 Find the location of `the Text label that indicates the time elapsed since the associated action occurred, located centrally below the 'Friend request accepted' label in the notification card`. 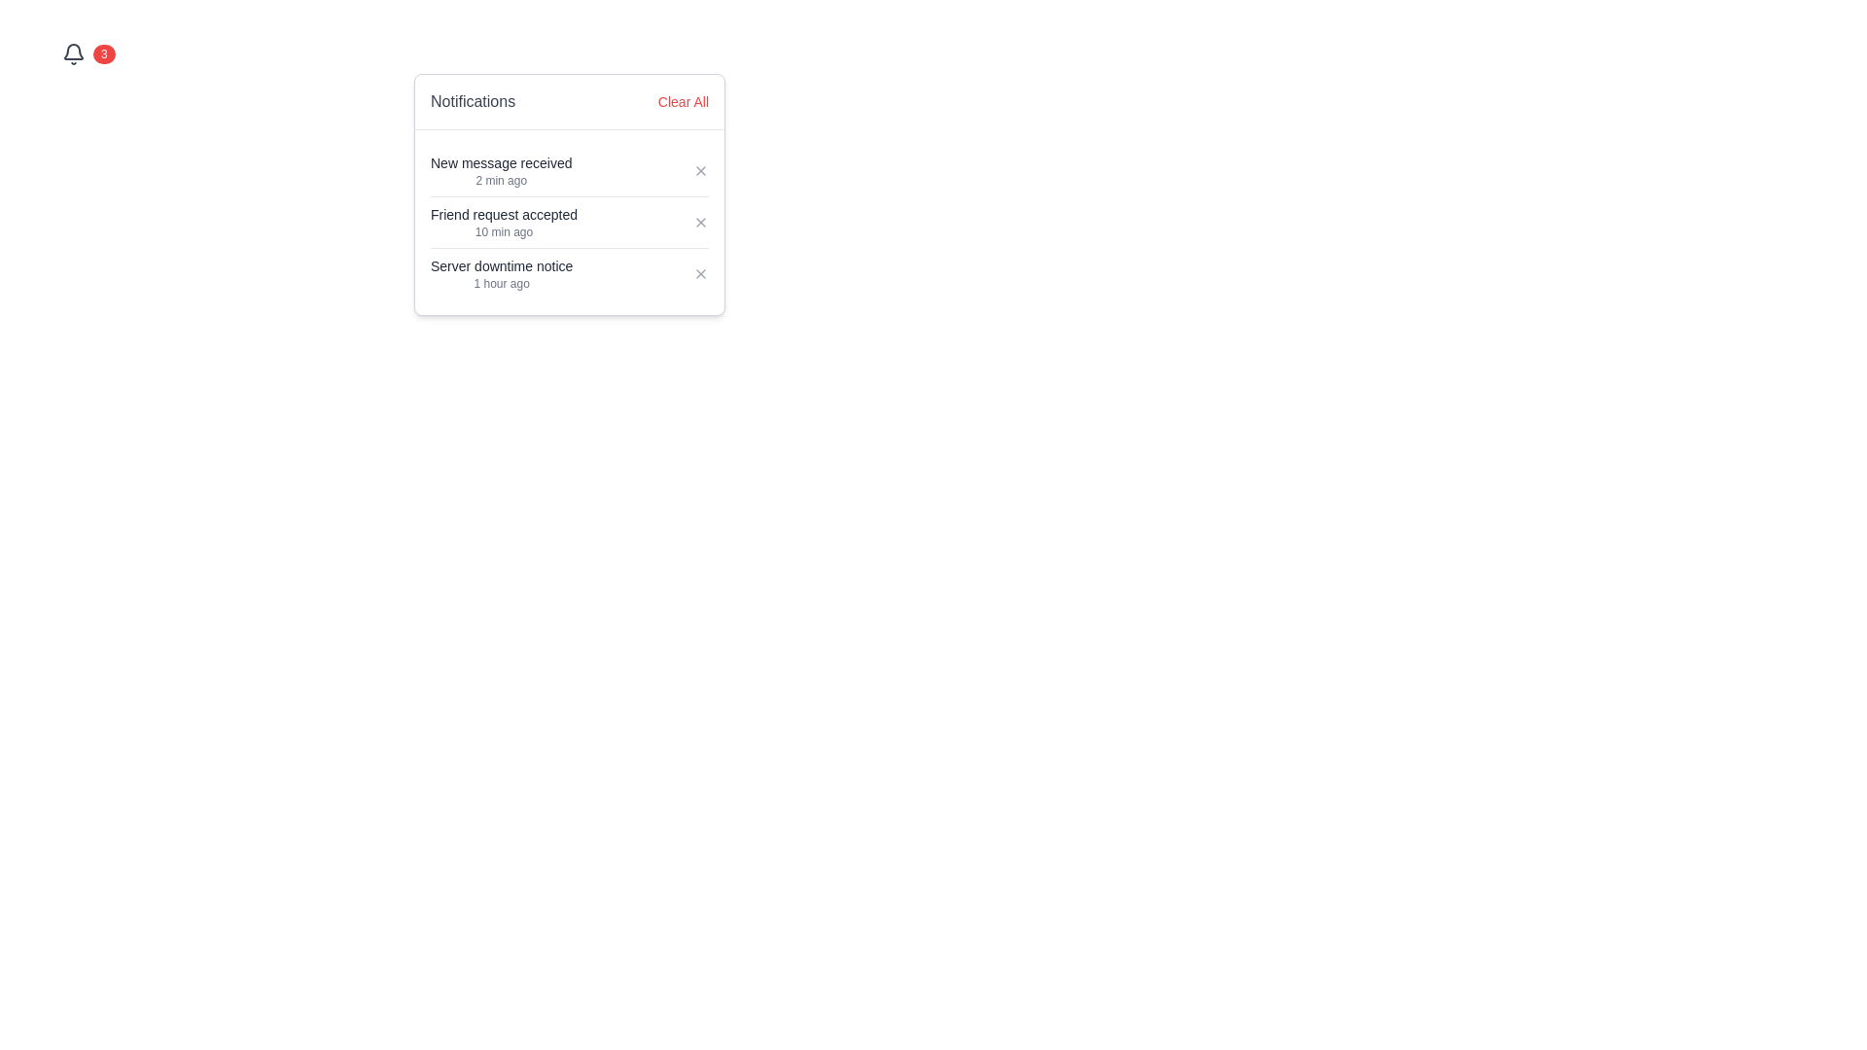

the Text label that indicates the time elapsed since the associated action occurred, located centrally below the 'Friend request accepted' label in the notification card is located at coordinates (504, 231).